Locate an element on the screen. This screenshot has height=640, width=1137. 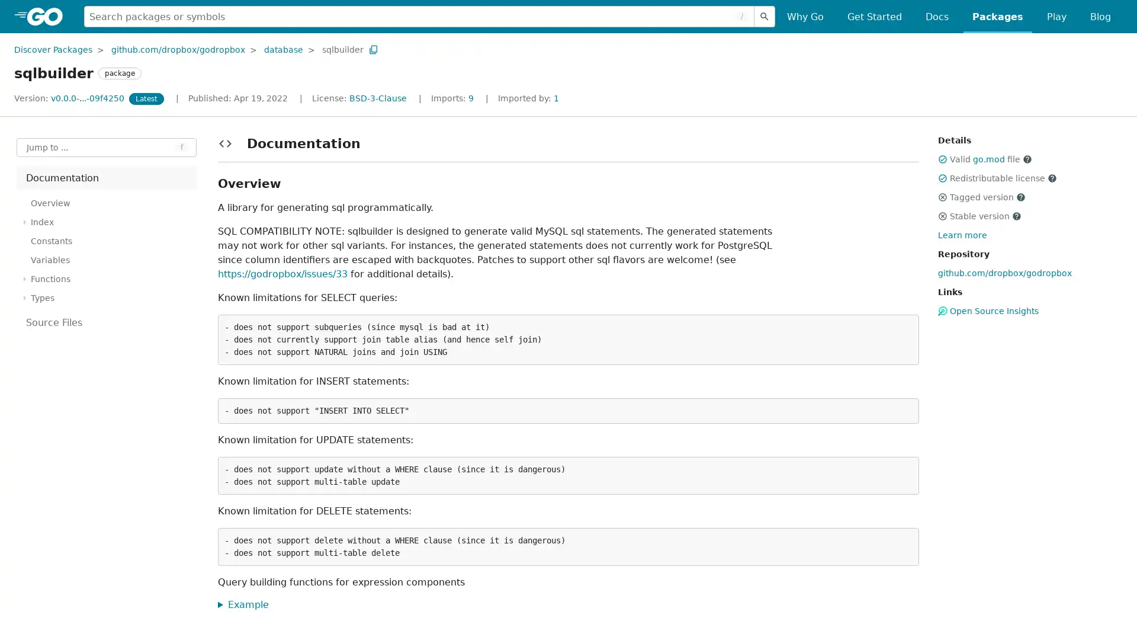
Copy Path to Clipboard is located at coordinates (372, 49).